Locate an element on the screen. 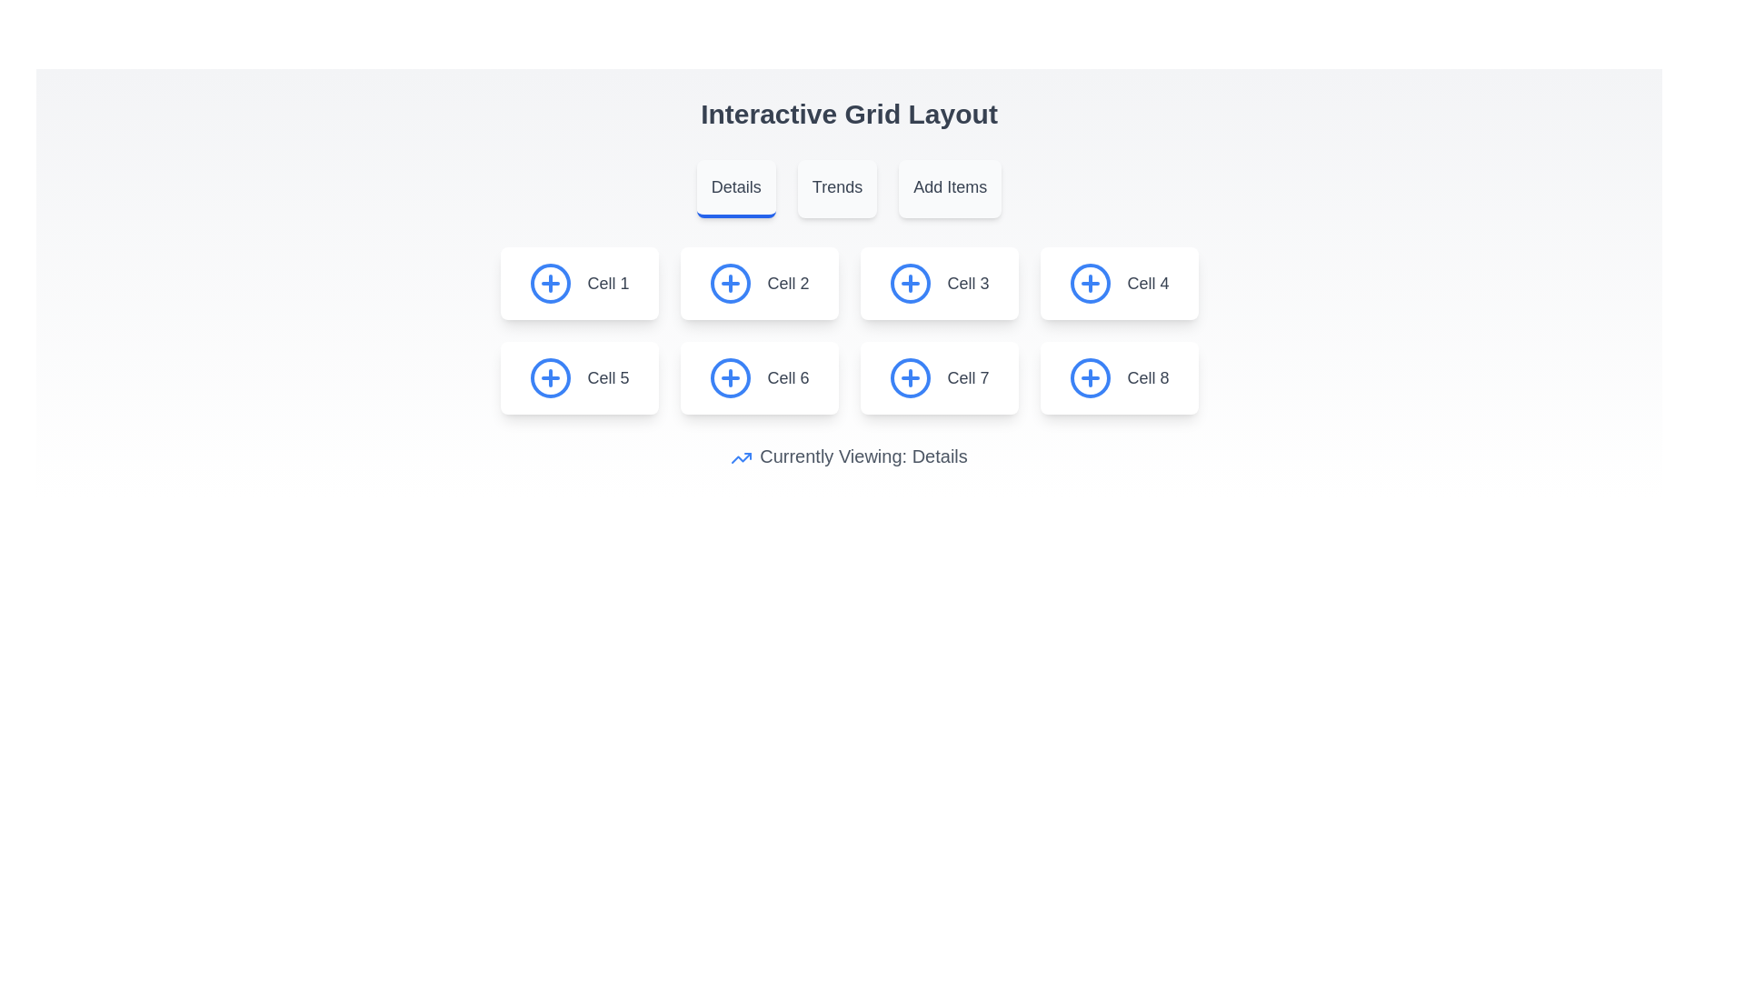  the first card in the second row of the grid, which has a white background, rounded corners, and features a blue circular icon with a white plus sign and a label 'Cell 5' is located at coordinates (578, 377).